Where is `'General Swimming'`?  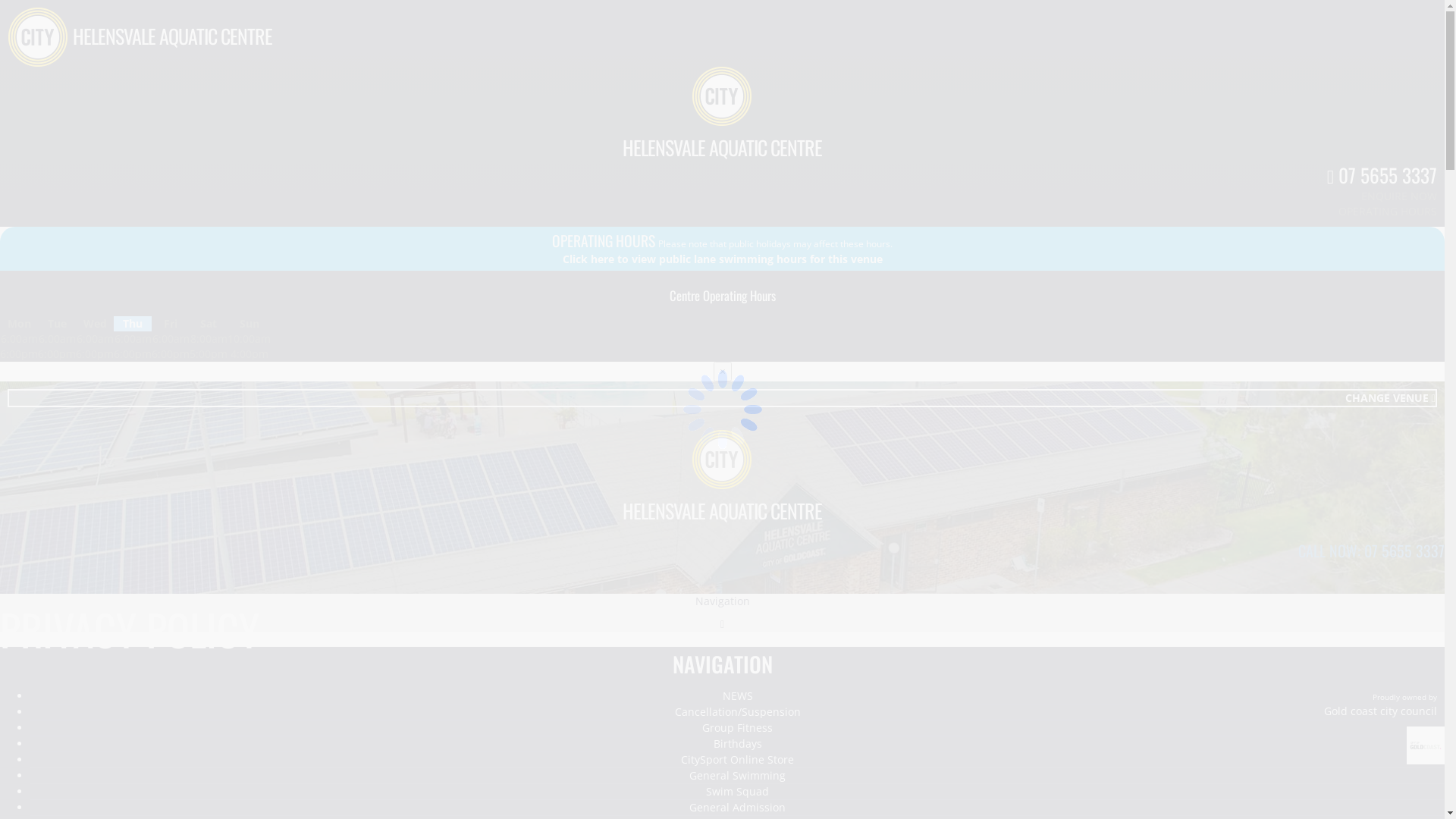
'General Swimming' is located at coordinates (737, 775).